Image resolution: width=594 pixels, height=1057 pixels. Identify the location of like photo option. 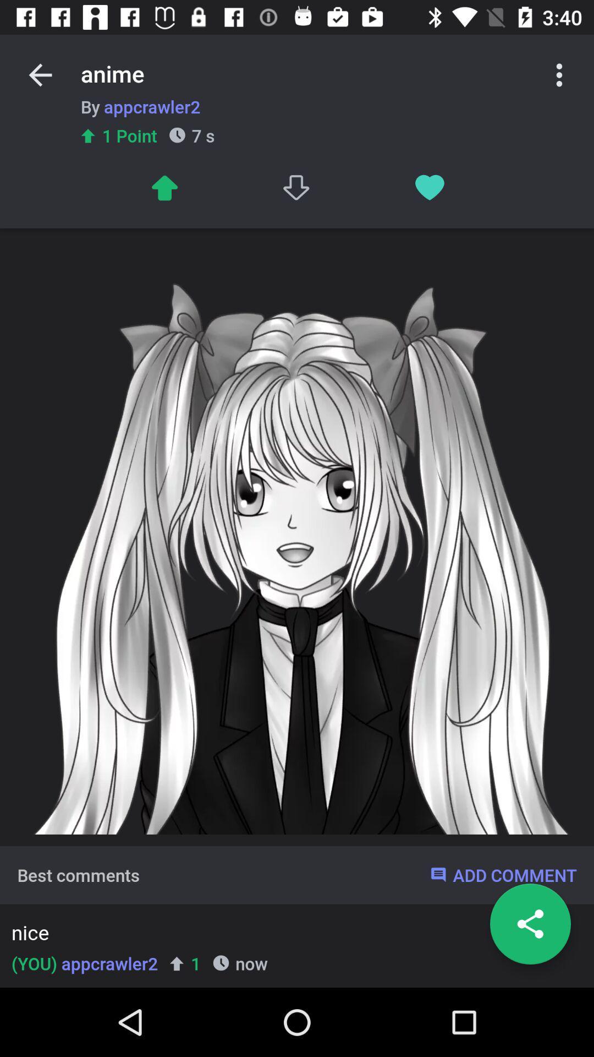
(429, 188).